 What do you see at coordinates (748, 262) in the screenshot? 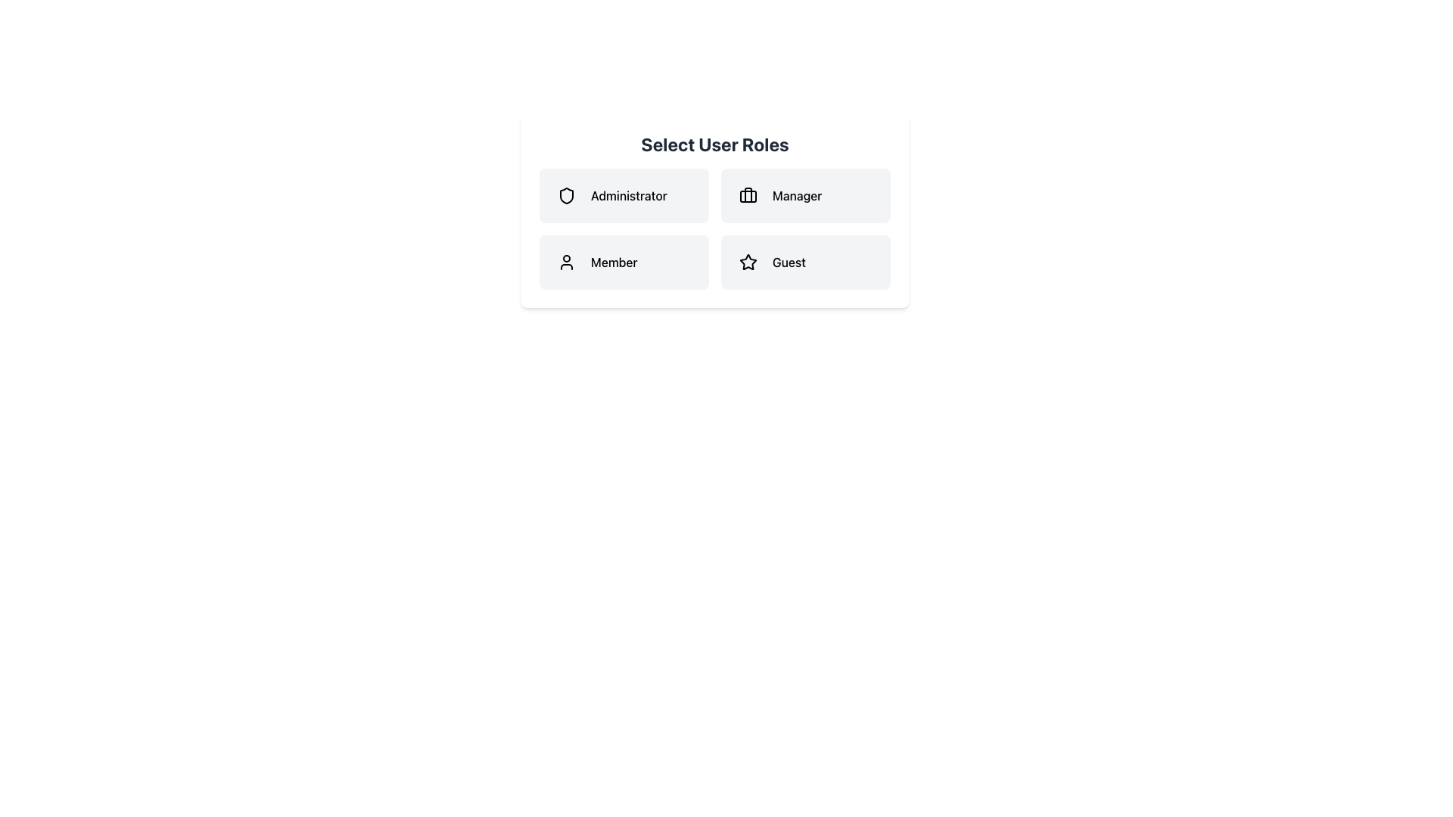
I see `the star icon representing the 'Guest' user role, located at the bottom-right of the 'Select User Roles' grid` at bounding box center [748, 262].